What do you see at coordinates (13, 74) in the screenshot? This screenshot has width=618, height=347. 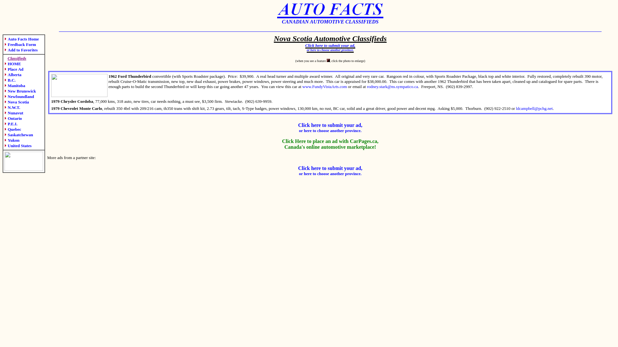 I see `'Alberta'` at bounding box center [13, 74].